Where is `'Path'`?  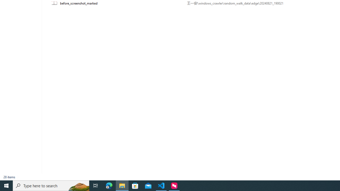
'Path' is located at coordinates (248, 3).